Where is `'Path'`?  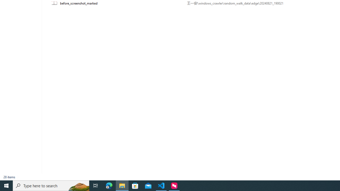
'Path' is located at coordinates (248, 3).